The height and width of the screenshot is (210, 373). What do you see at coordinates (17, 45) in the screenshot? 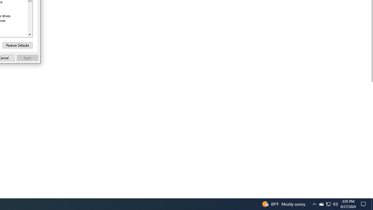
I see `'Restore Defaults'` at bounding box center [17, 45].